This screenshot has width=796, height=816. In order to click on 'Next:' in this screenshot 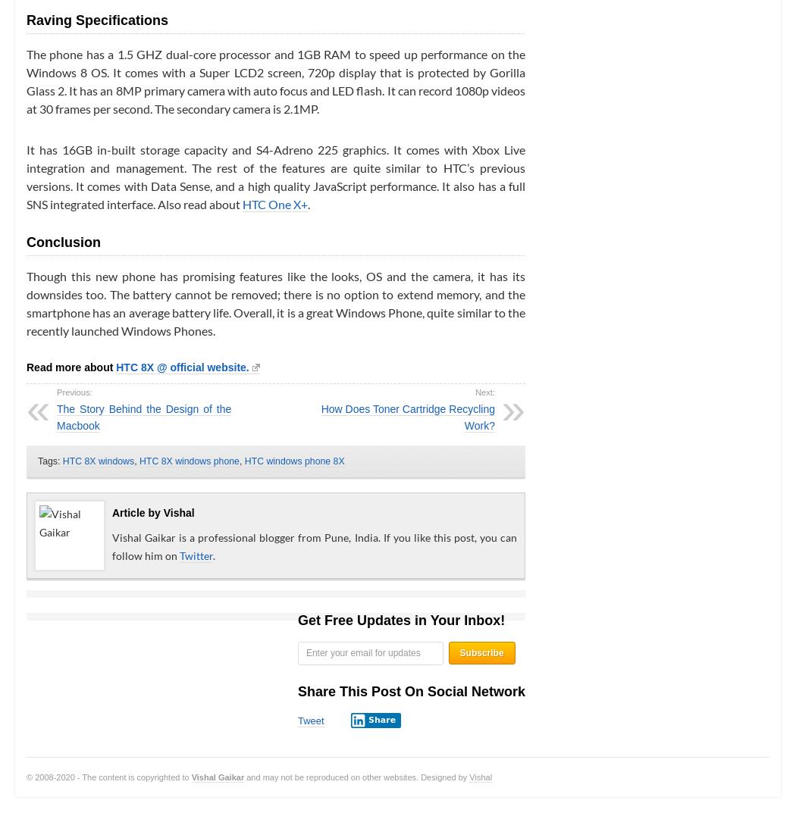, I will do `click(484, 390)`.